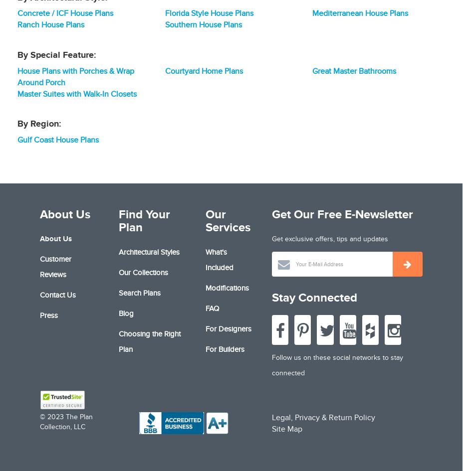  I want to click on 'Follow us on these social networks to stay connected', so click(337, 364).